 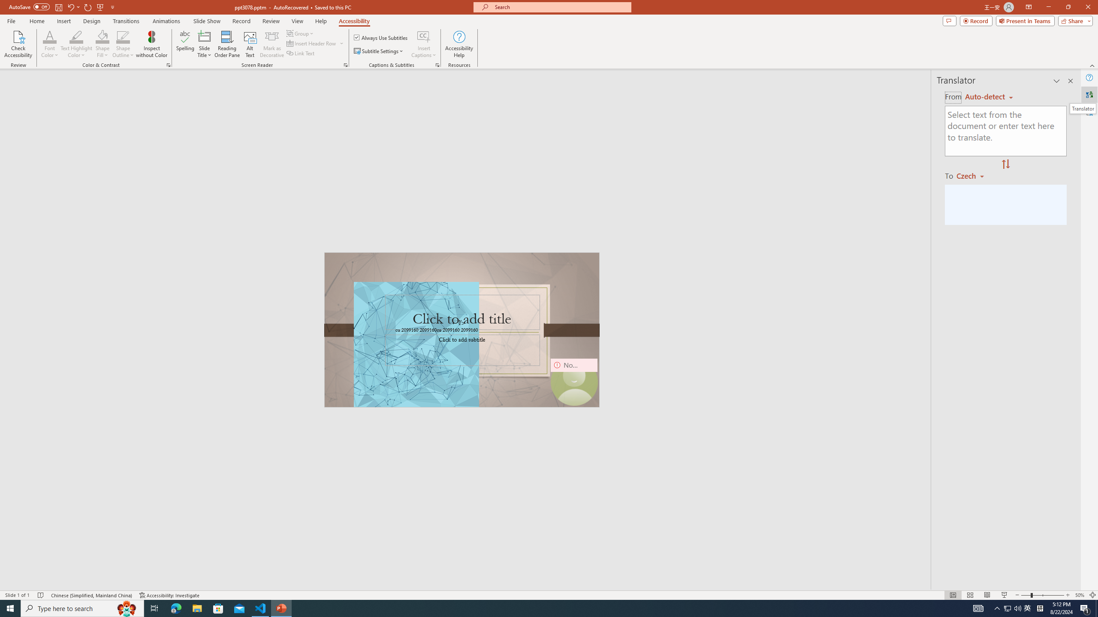 What do you see at coordinates (250, 44) in the screenshot?
I see `'Alt Text'` at bounding box center [250, 44].